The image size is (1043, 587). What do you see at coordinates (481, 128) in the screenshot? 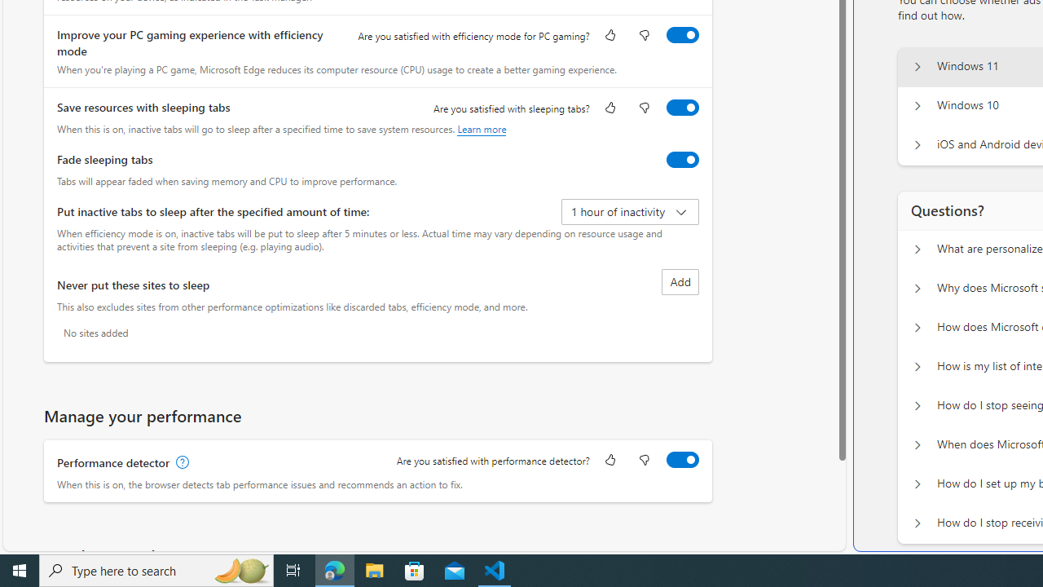
I see `'Learn more'` at bounding box center [481, 128].